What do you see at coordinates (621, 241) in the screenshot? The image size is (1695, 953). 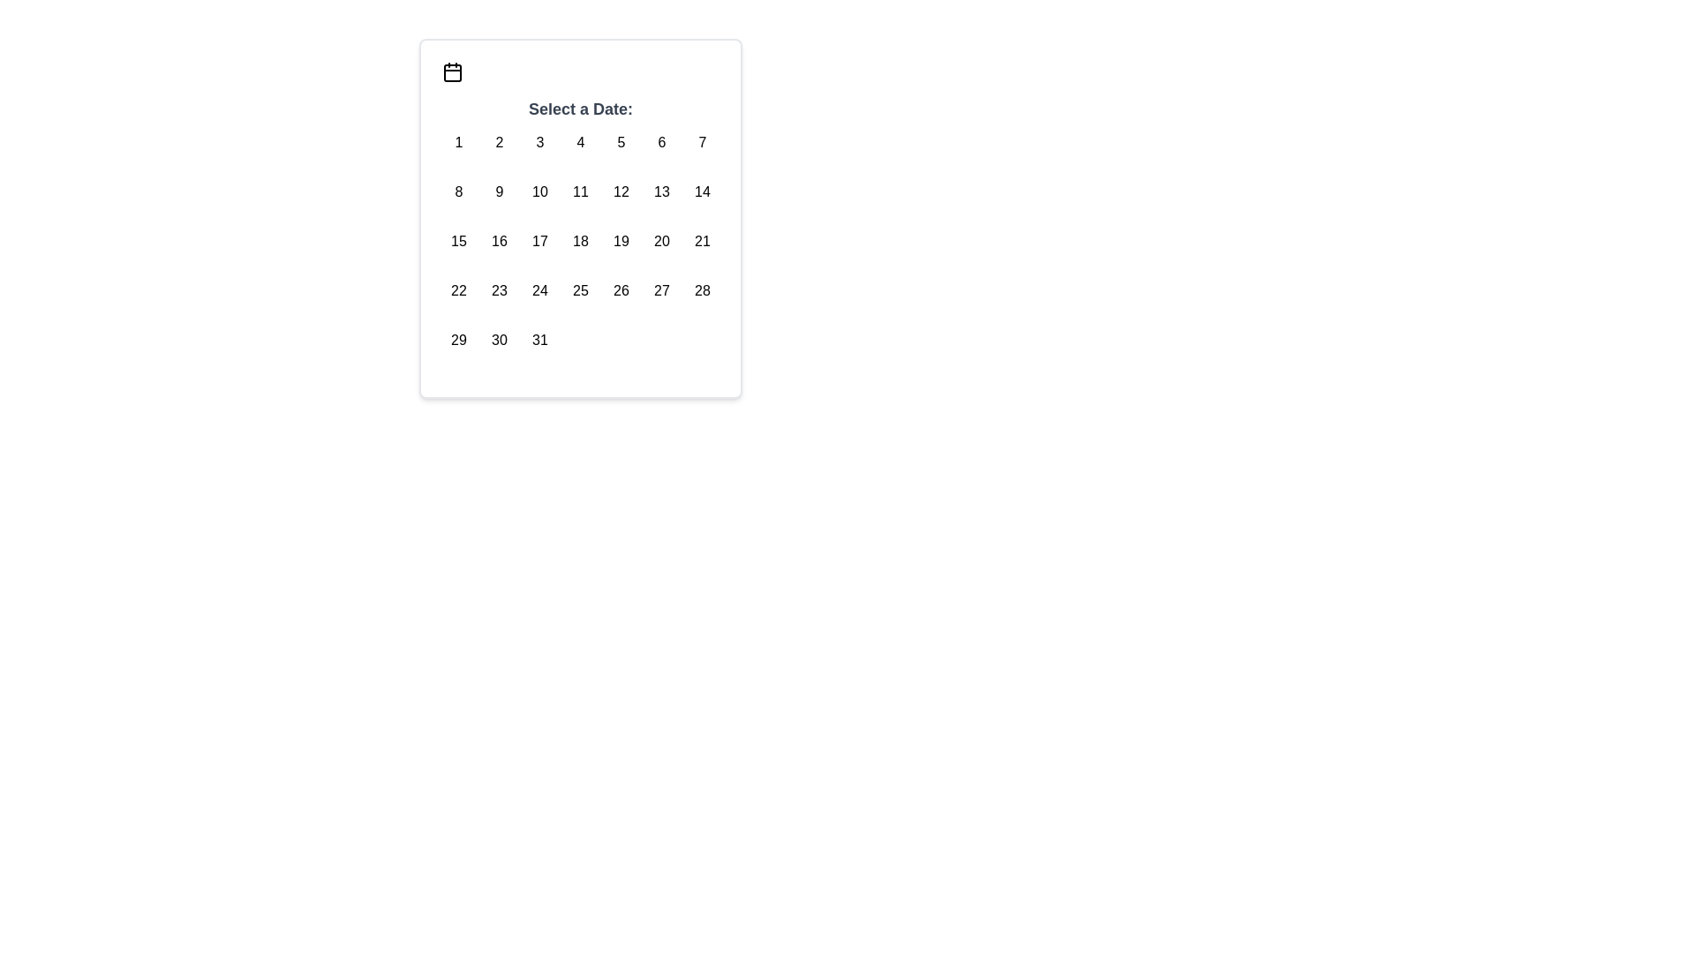 I see `the button displaying the number '19' in the calendar grid` at bounding box center [621, 241].